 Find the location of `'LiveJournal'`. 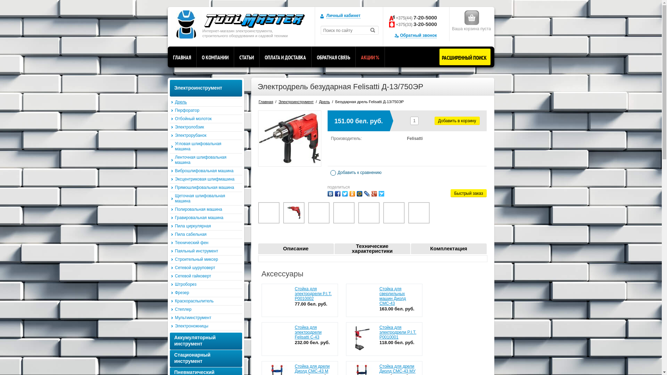

'LiveJournal' is located at coordinates (367, 194).